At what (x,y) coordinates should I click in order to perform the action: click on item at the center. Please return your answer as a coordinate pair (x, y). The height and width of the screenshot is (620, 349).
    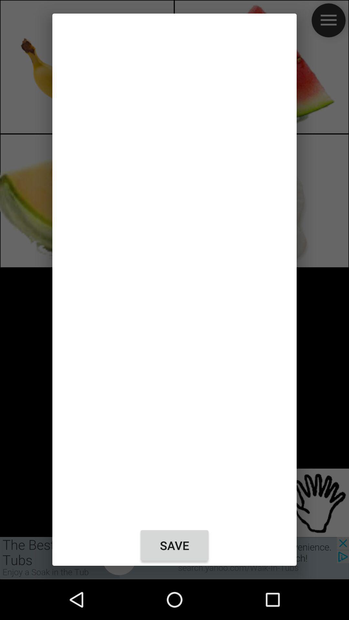
    Looking at the image, I should click on (174, 269).